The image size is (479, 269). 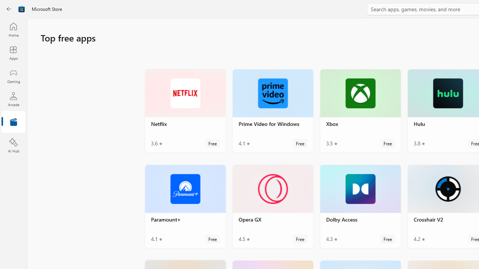 I want to click on 'Home', so click(x=13, y=29).